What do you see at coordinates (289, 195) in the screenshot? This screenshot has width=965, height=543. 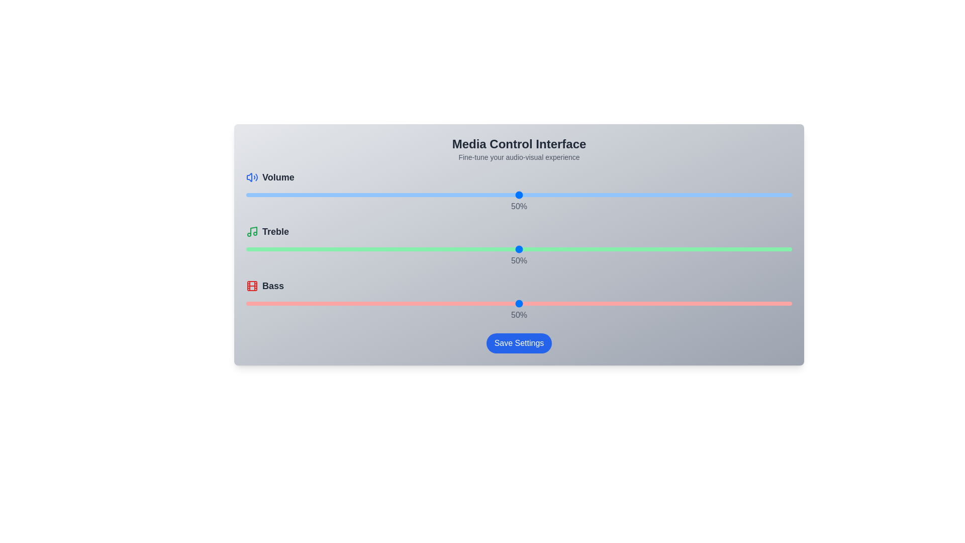 I see `the slider value` at bounding box center [289, 195].